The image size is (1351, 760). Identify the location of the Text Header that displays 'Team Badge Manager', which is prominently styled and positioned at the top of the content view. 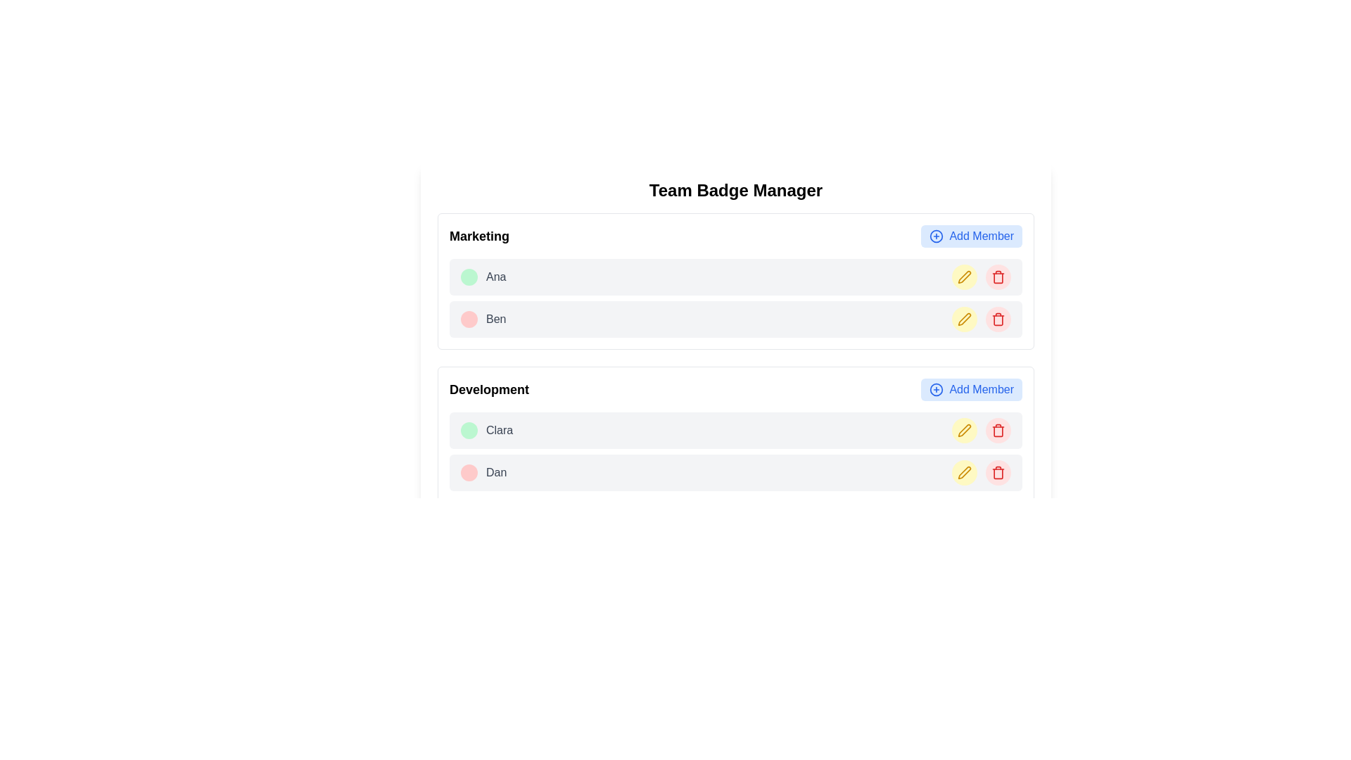
(735, 190).